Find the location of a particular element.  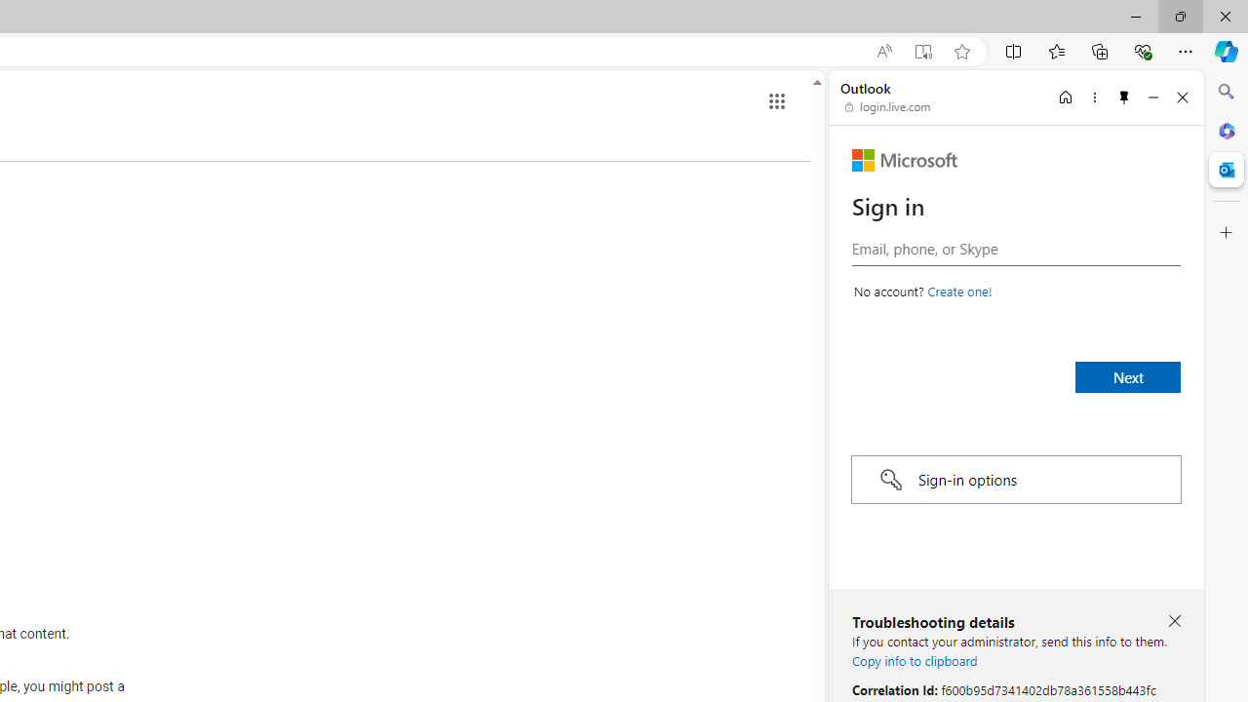

'Create a Microsoft account' is located at coordinates (959, 291).